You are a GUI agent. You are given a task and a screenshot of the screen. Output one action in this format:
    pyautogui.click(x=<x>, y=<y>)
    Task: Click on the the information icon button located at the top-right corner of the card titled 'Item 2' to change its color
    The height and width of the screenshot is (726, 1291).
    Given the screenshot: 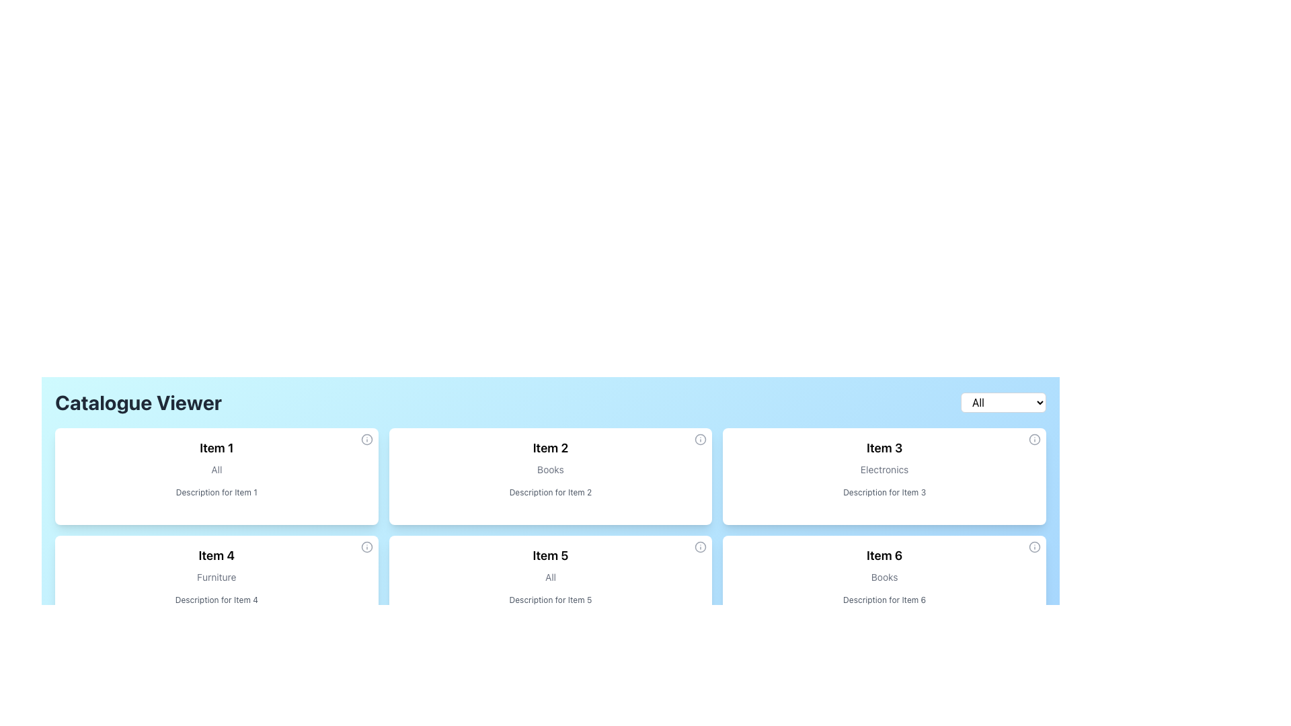 What is the action you would take?
    pyautogui.click(x=700, y=440)
    